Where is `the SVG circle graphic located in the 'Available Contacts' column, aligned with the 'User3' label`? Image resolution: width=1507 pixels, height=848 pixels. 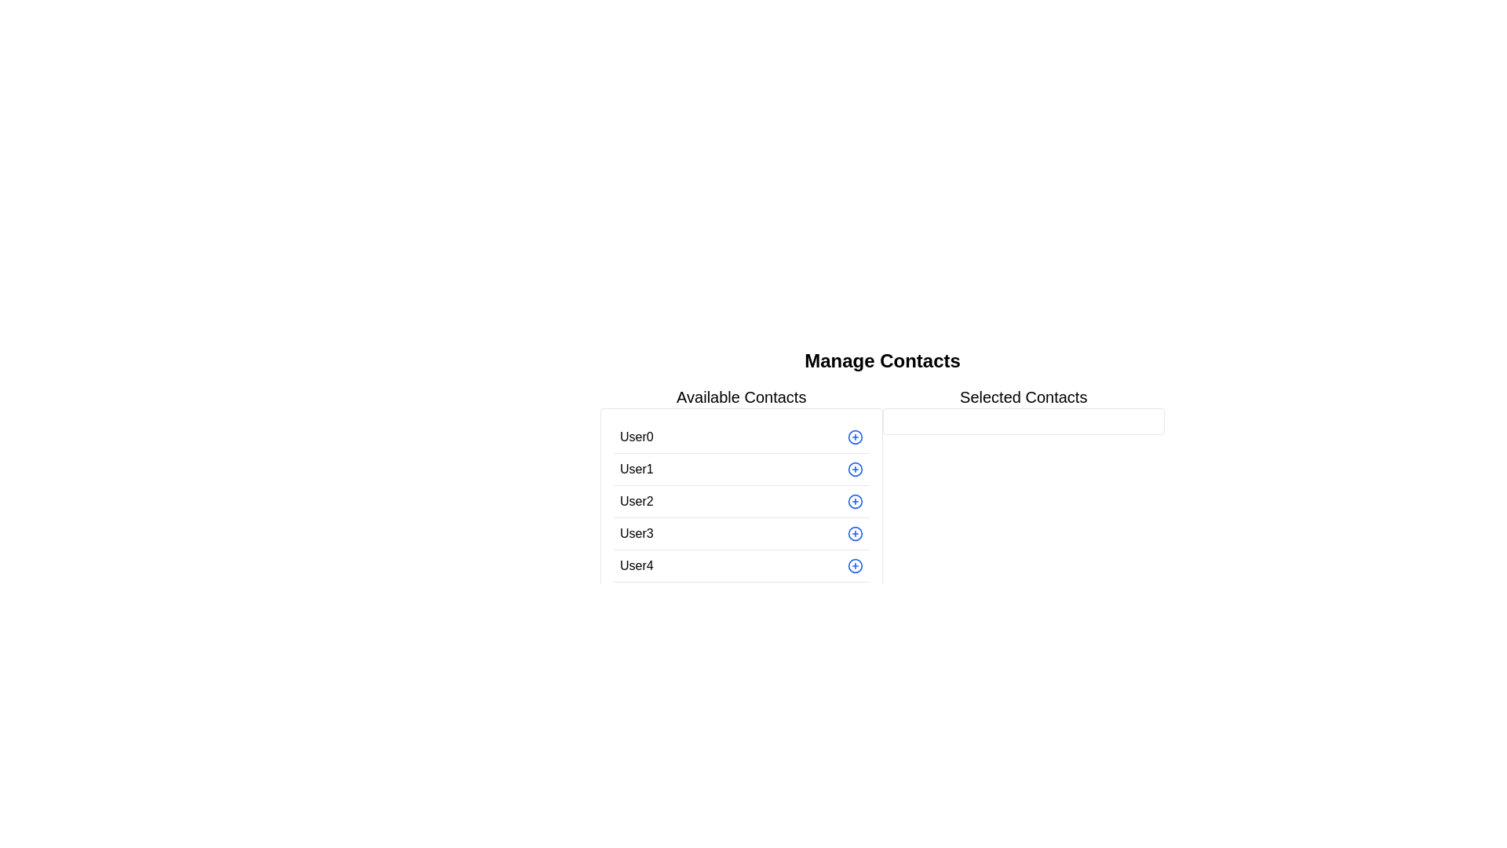
the SVG circle graphic located in the 'Available Contacts' column, aligned with the 'User3' label is located at coordinates (854, 532).